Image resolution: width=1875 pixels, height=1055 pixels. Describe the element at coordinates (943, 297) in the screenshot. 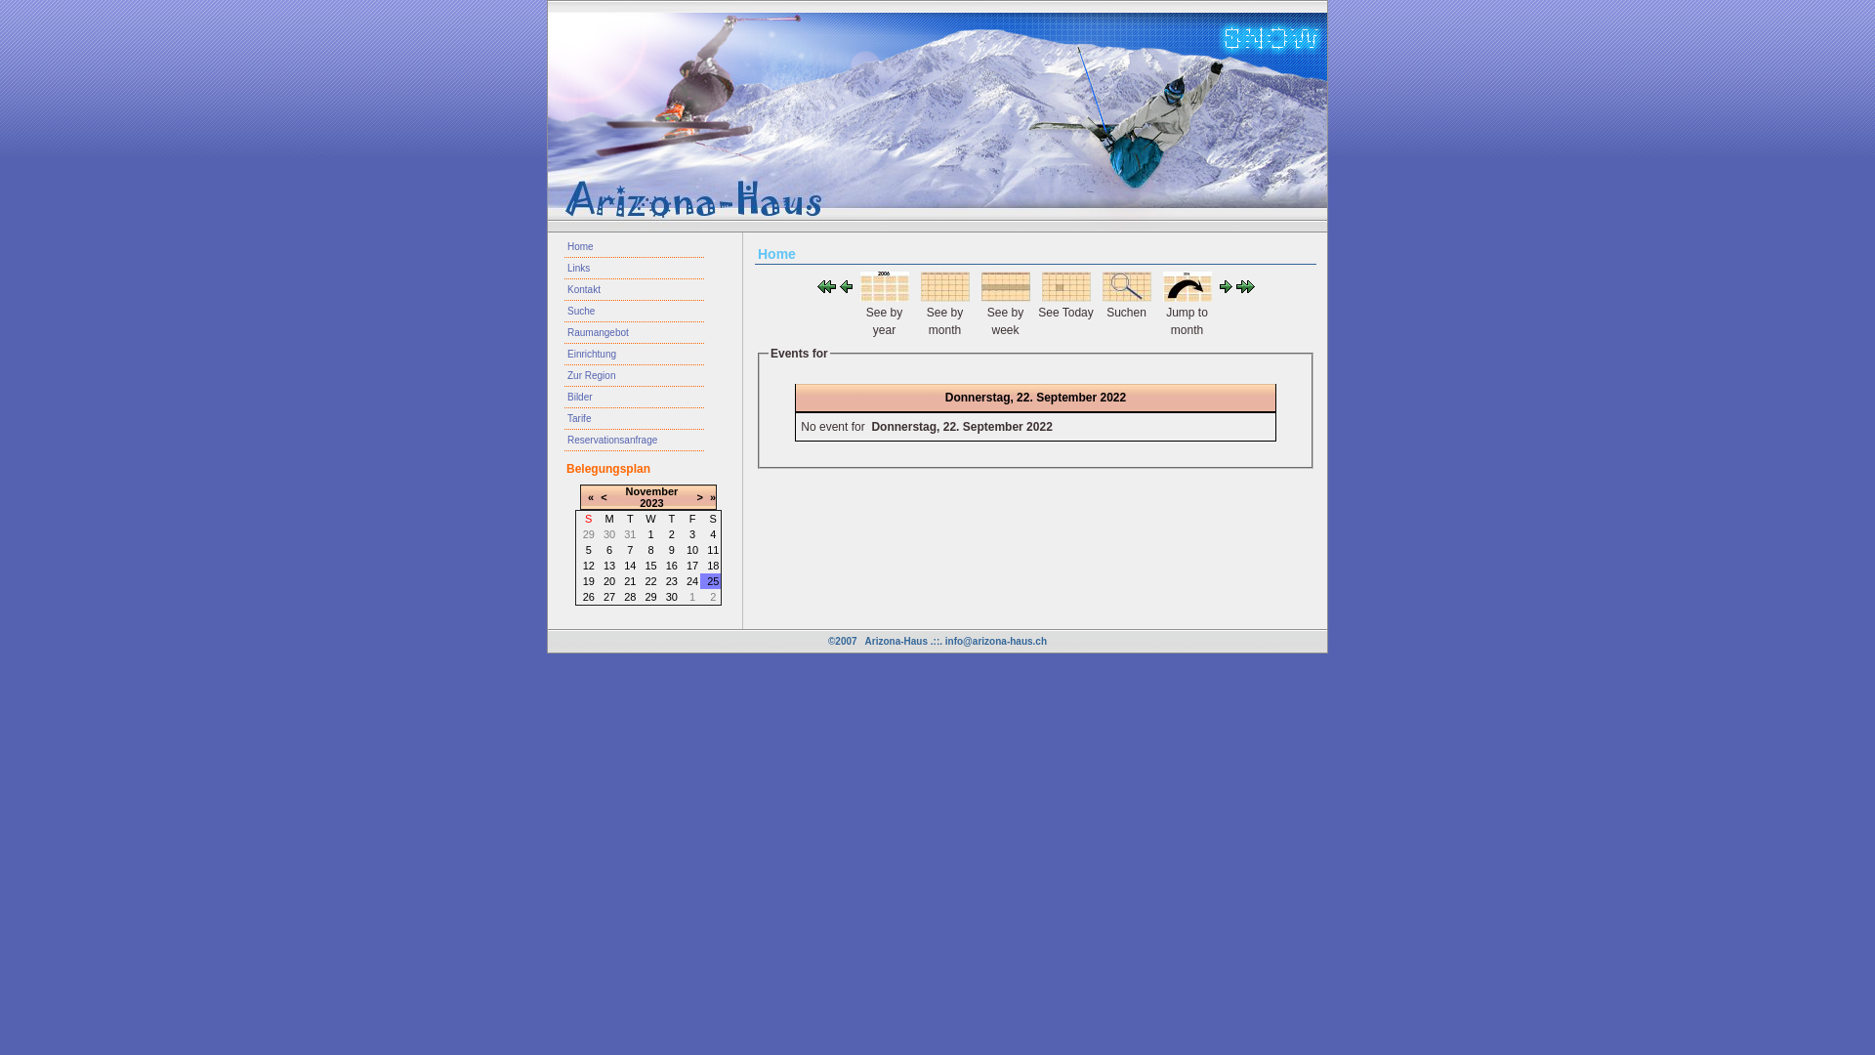

I see `'See by month'` at that location.